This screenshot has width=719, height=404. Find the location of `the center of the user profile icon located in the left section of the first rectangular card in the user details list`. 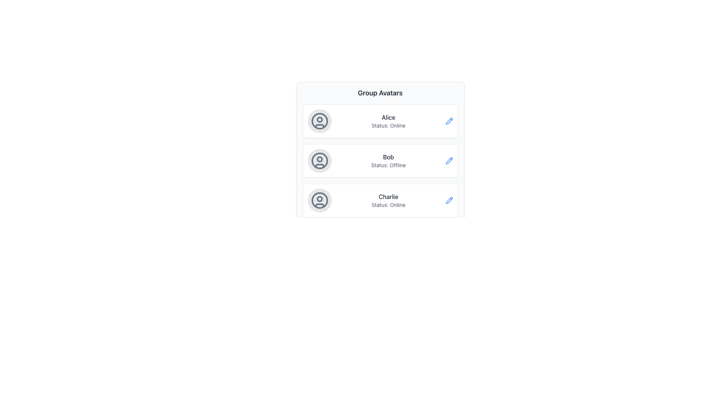

the center of the user profile icon located in the left section of the first rectangular card in the user details list is located at coordinates (319, 121).